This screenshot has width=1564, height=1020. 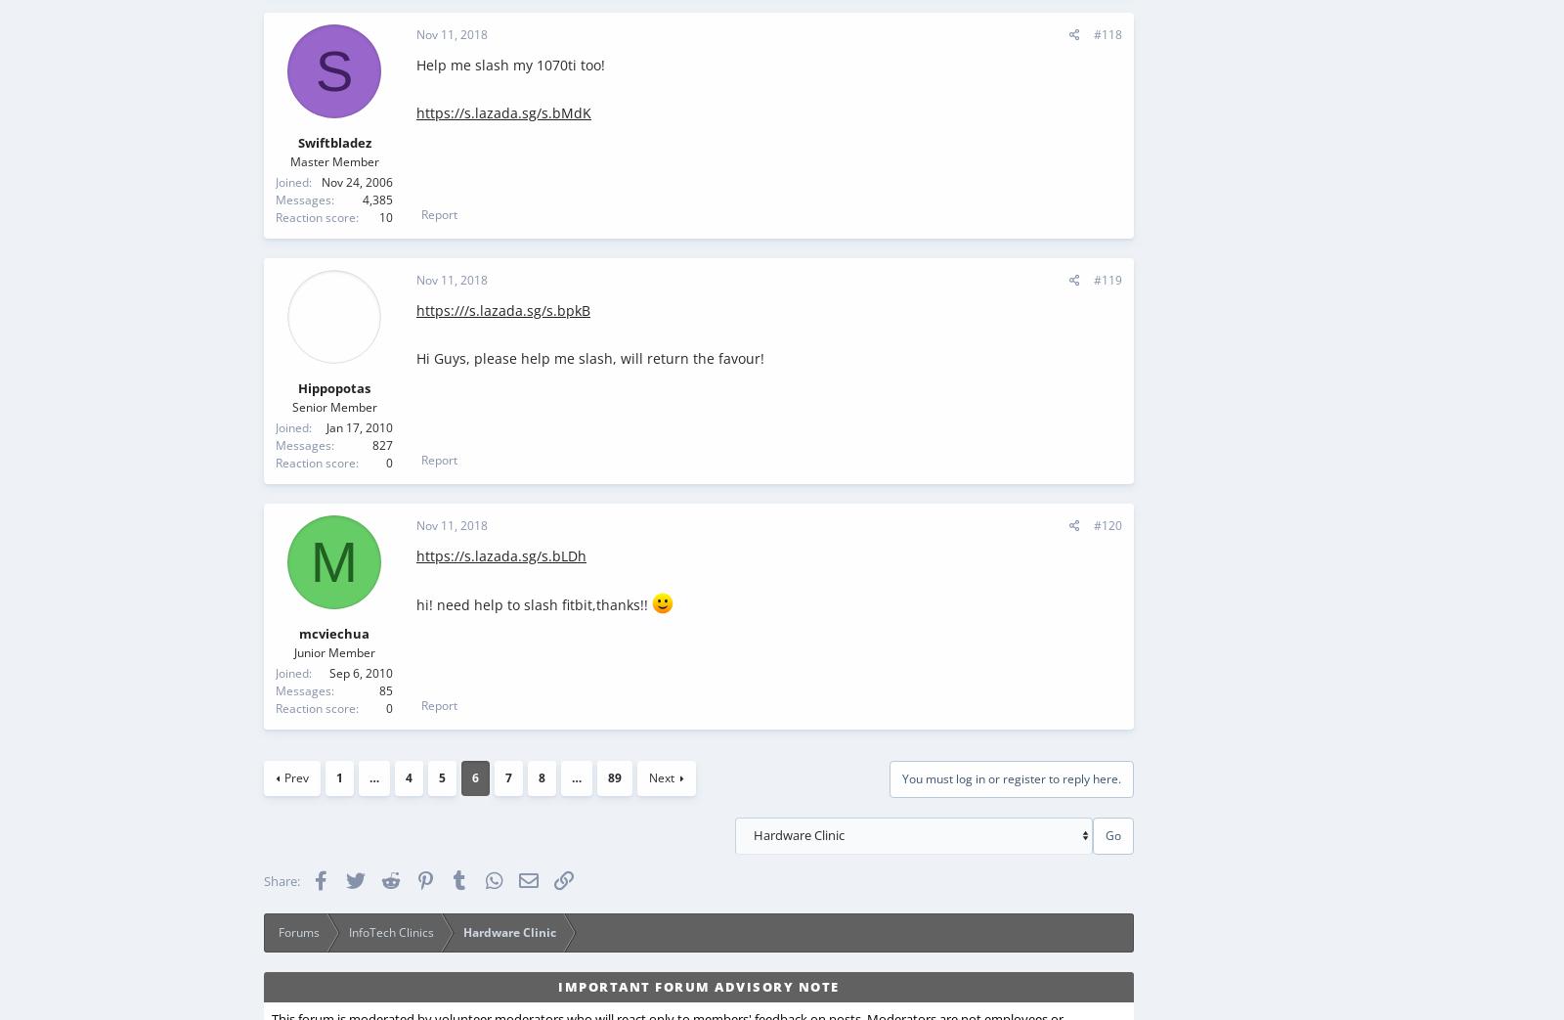 I want to click on '4', so click(x=408, y=776).